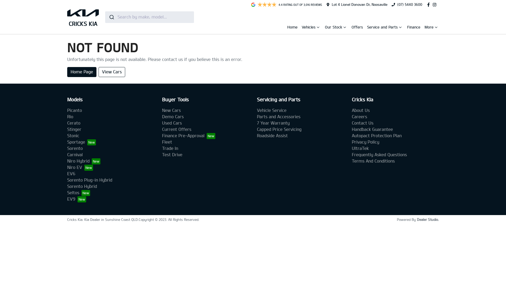 This screenshot has width=506, height=285. I want to click on 'Sorento Hybrid', so click(67, 186).